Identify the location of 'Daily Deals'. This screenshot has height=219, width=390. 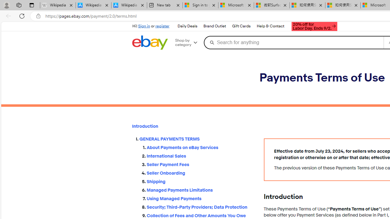
(187, 26).